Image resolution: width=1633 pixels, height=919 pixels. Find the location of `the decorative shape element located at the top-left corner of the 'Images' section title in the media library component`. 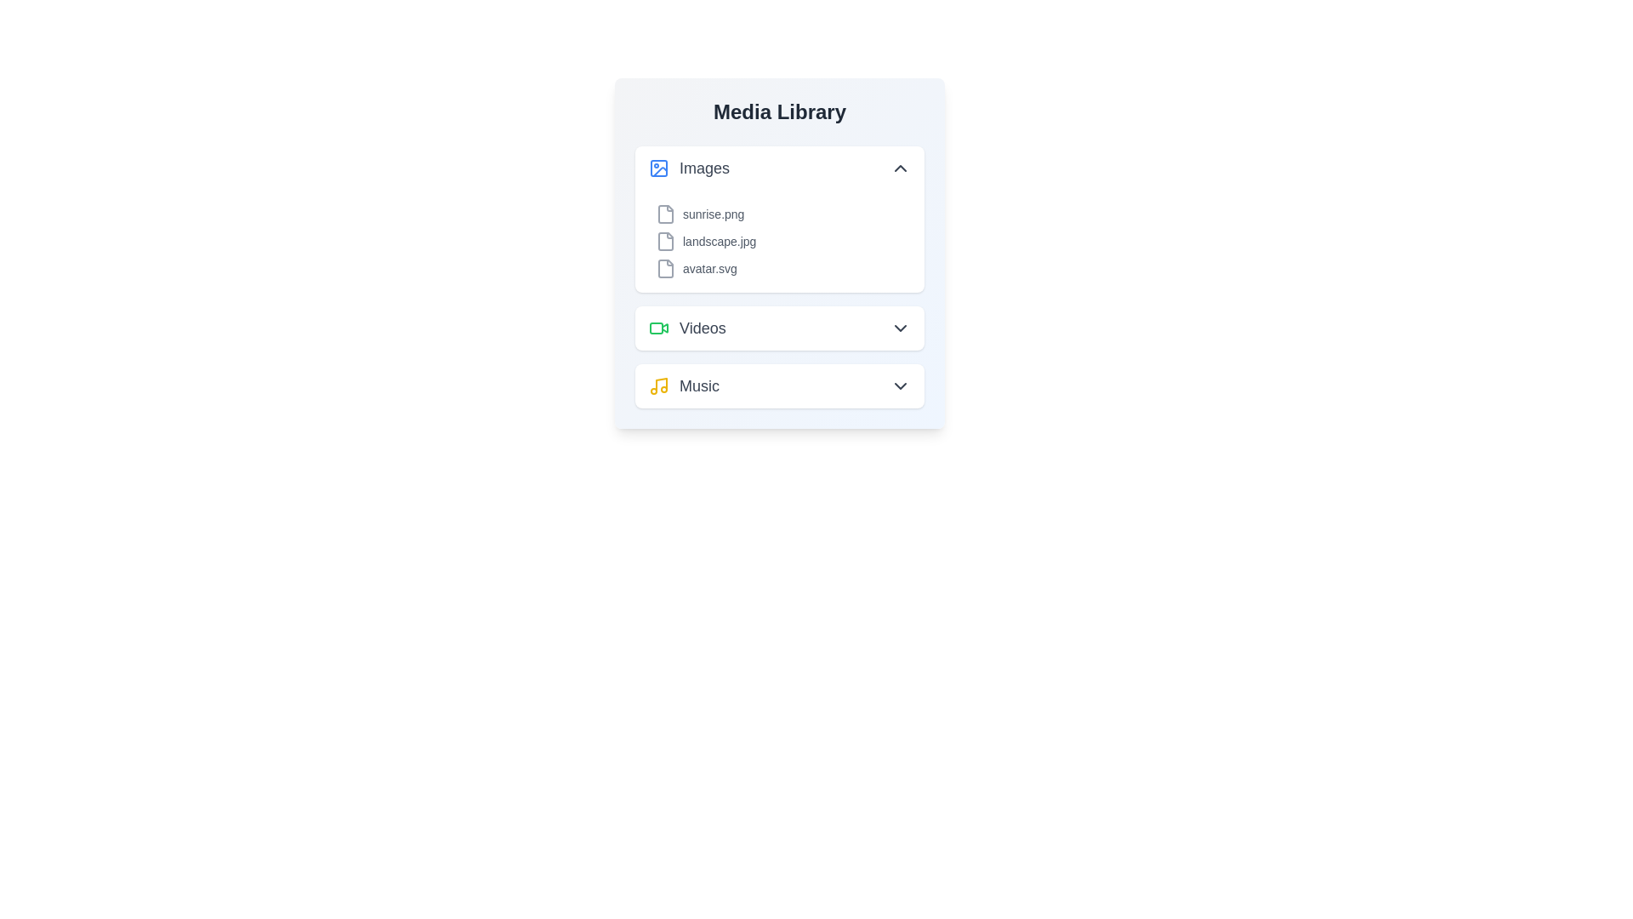

the decorative shape element located at the top-left corner of the 'Images' section title in the media library component is located at coordinates (657, 168).